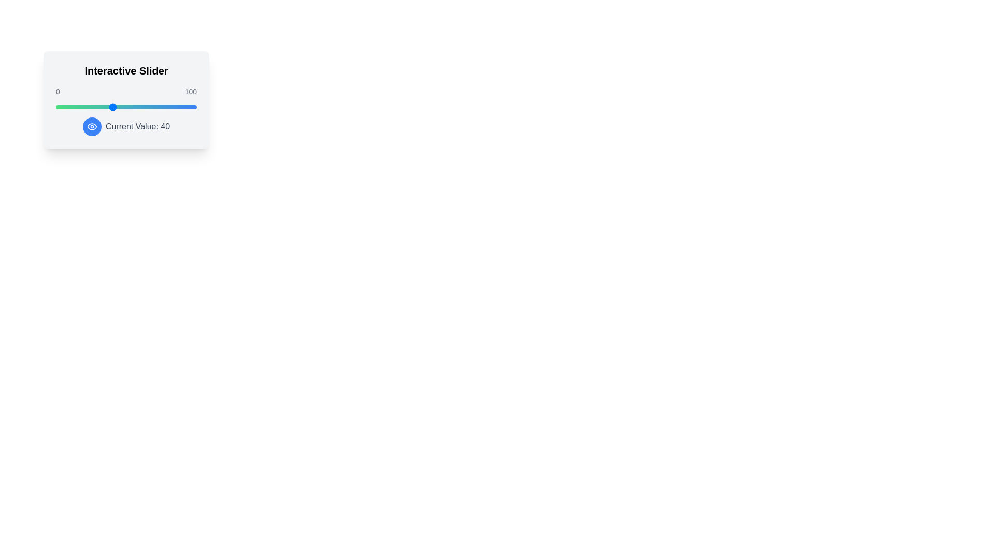 This screenshot has width=995, height=559. I want to click on the text 'Current Value: 40' to select it, so click(126, 126).